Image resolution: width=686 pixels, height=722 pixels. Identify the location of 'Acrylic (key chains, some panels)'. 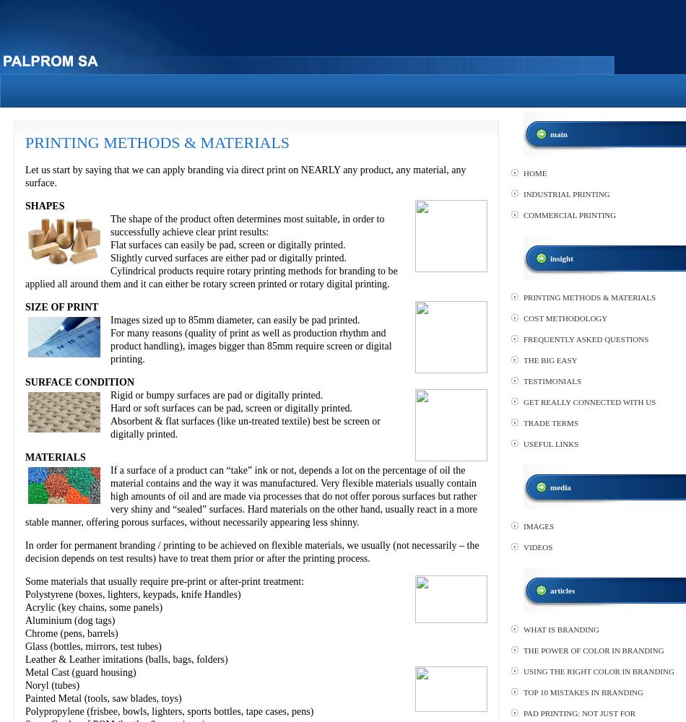
(93, 606).